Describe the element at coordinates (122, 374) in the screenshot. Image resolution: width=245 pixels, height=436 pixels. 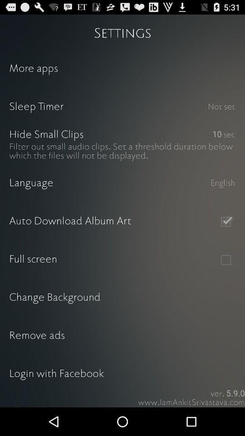
I see `the login with facebook icon` at that location.